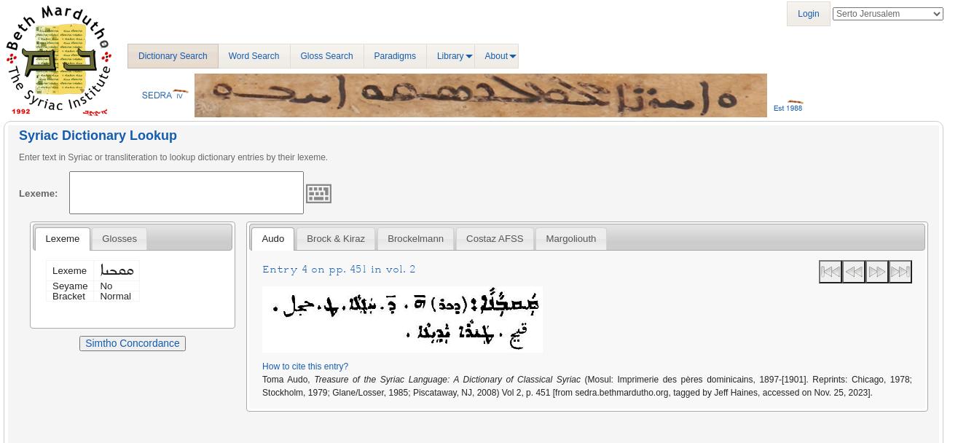 The width and height of the screenshot is (958, 443). Describe the element at coordinates (415, 238) in the screenshot. I see `'Brockelmann'` at that location.